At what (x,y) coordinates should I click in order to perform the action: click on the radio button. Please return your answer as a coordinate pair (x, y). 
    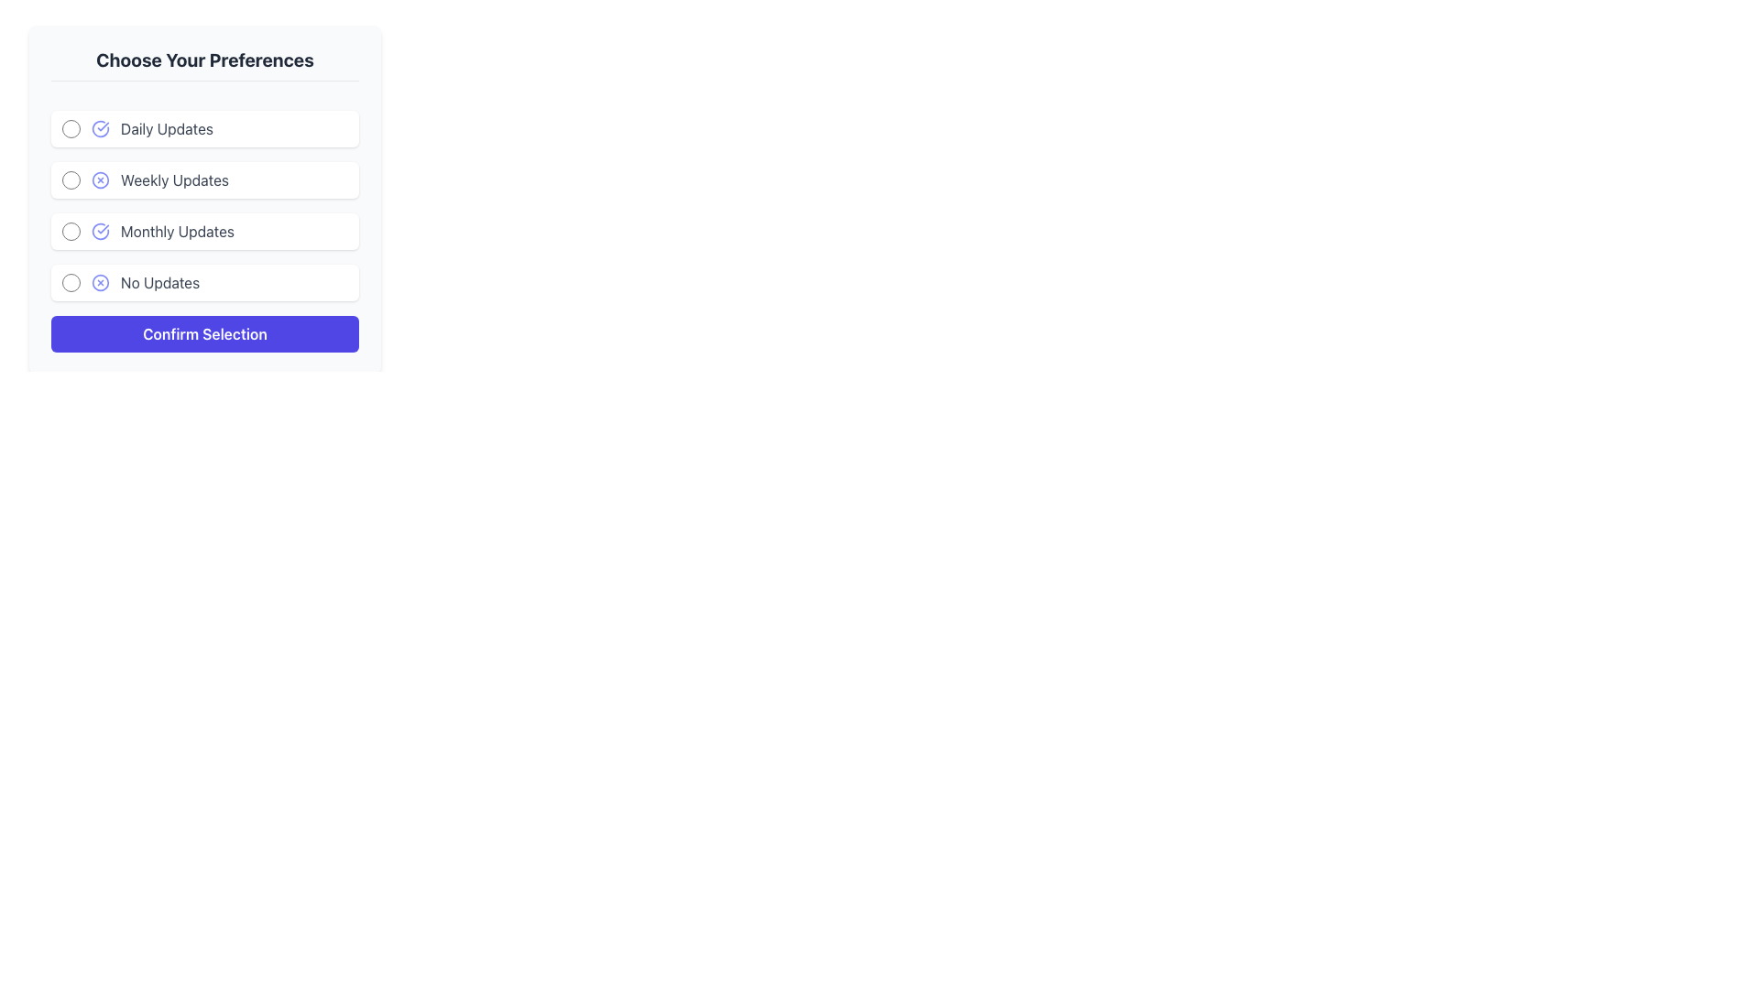
    Looking at the image, I should click on (71, 128).